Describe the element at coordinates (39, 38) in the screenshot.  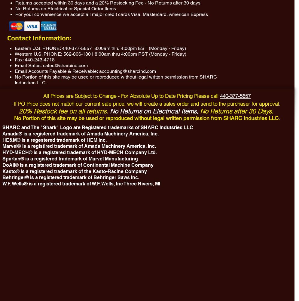
I see `'Contact Information:'` at that location.